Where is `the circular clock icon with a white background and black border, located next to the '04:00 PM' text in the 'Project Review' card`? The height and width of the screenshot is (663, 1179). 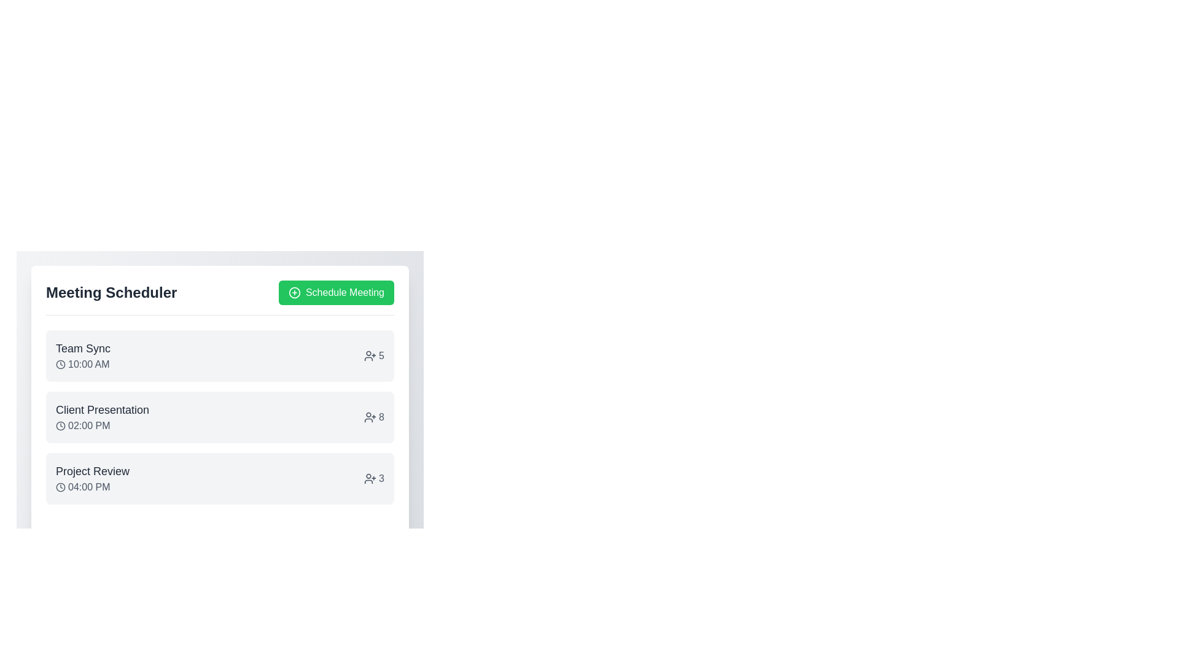
the circular clock icon with a white background and black border, located next to the '04:00 PM' text in the 'Project Review' card is located at coordinates (60, 487).